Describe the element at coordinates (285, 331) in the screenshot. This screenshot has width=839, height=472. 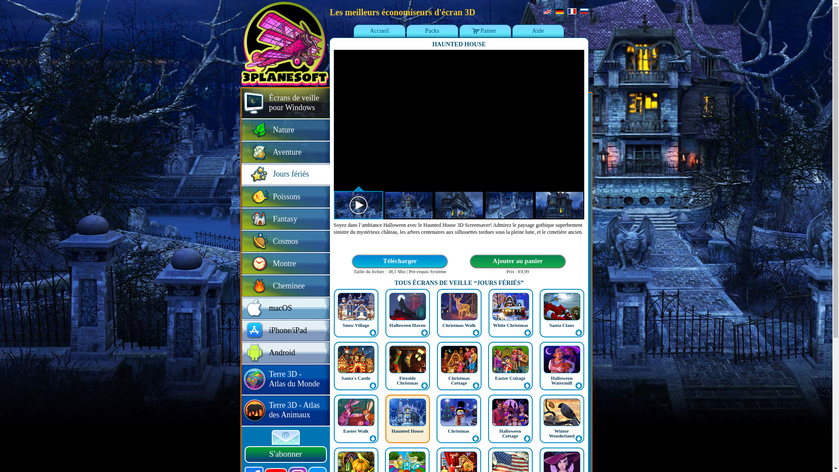
I see `'iPhone/iPad'` at that location.